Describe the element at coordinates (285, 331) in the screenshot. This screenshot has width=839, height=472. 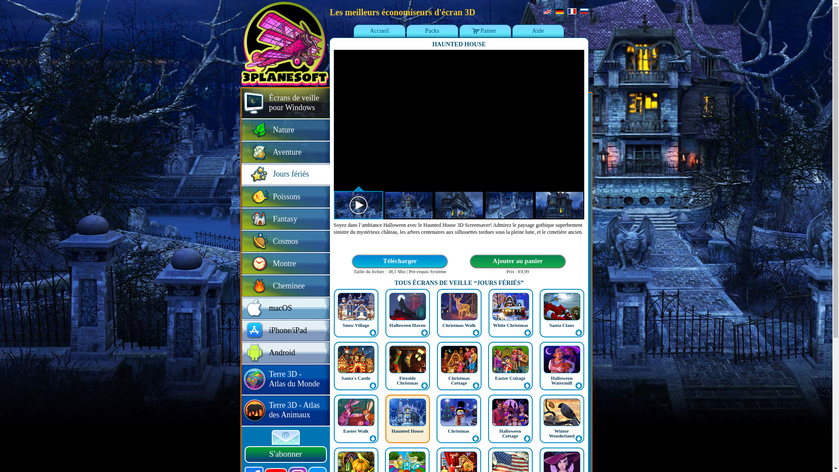
I see `'iPhone/iPad'` at that location.